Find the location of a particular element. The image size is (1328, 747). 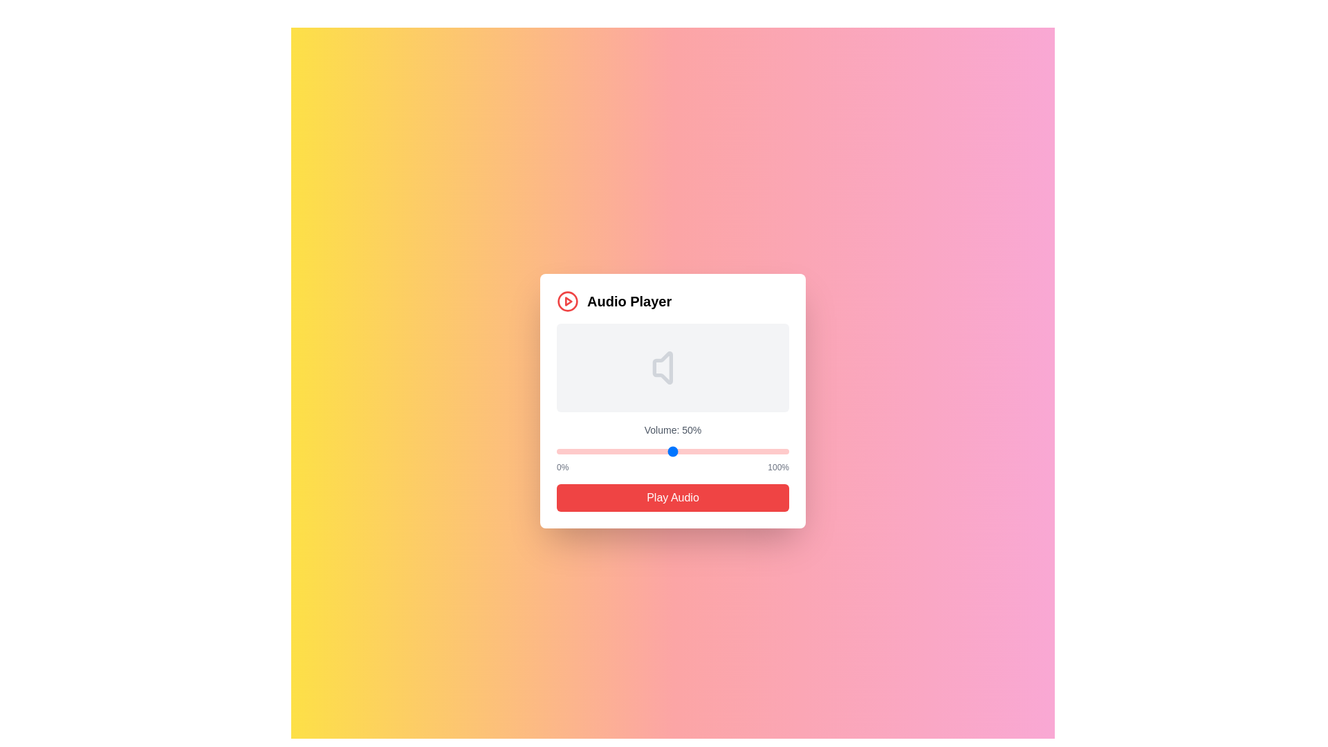

the volume slider to set the volume to 66% is located at coordinates (710, 451).